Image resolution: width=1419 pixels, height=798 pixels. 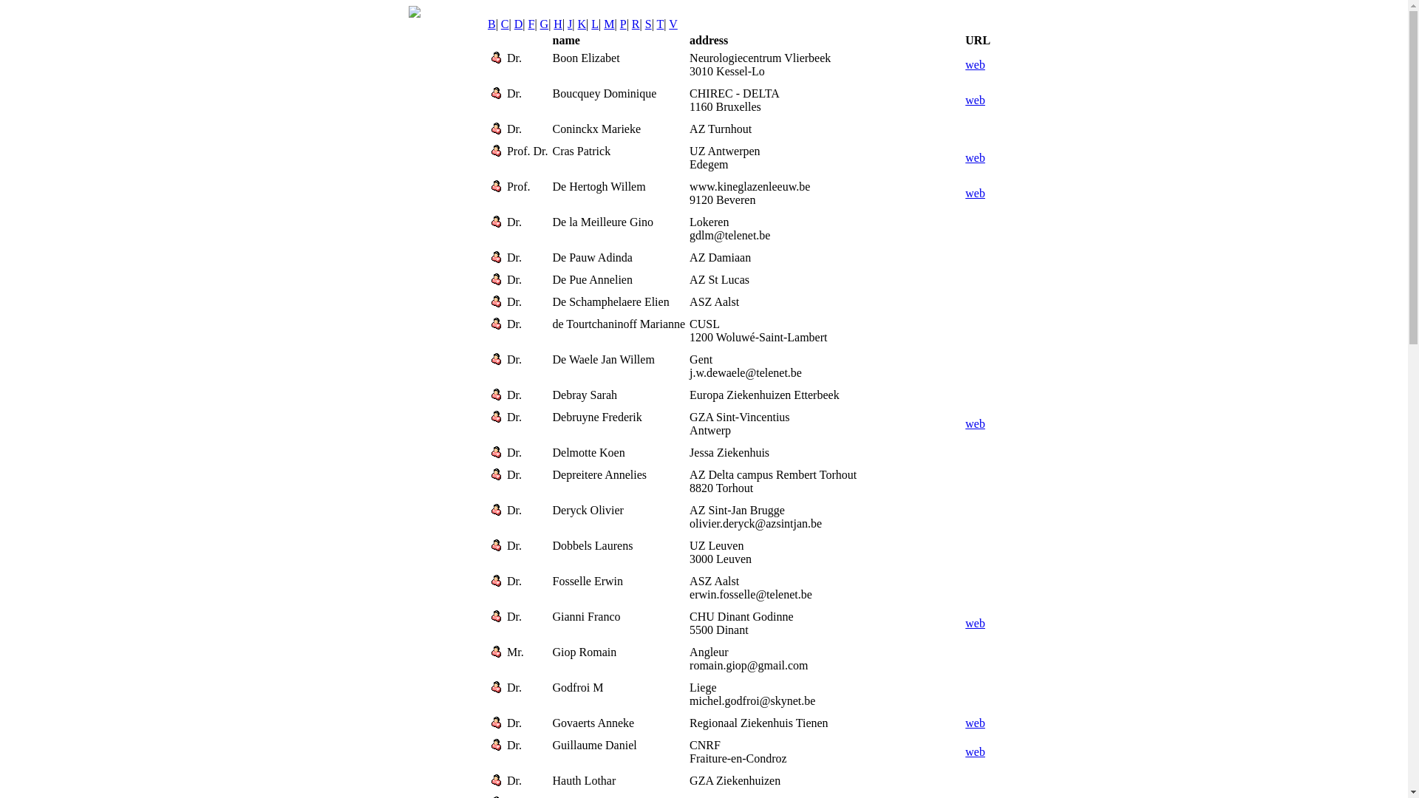 What do you see at coordinates (975, 722) in the screenshot?
I see `'web'` at bounding box center [975, 722].